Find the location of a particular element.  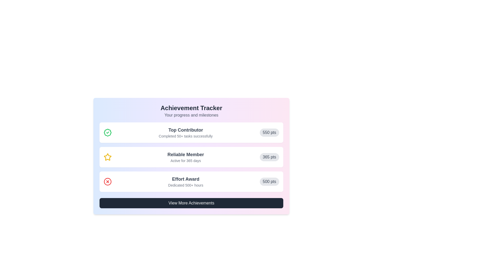

the Achievement card titled 'Reliable Member', which is the second card in a vertical list, featuring a yellow star icon, bold text 'Reliable Member', smaller gray text 'Active for 365 days', and a gray badge '365 pts' is located at coordinates (191, 157).